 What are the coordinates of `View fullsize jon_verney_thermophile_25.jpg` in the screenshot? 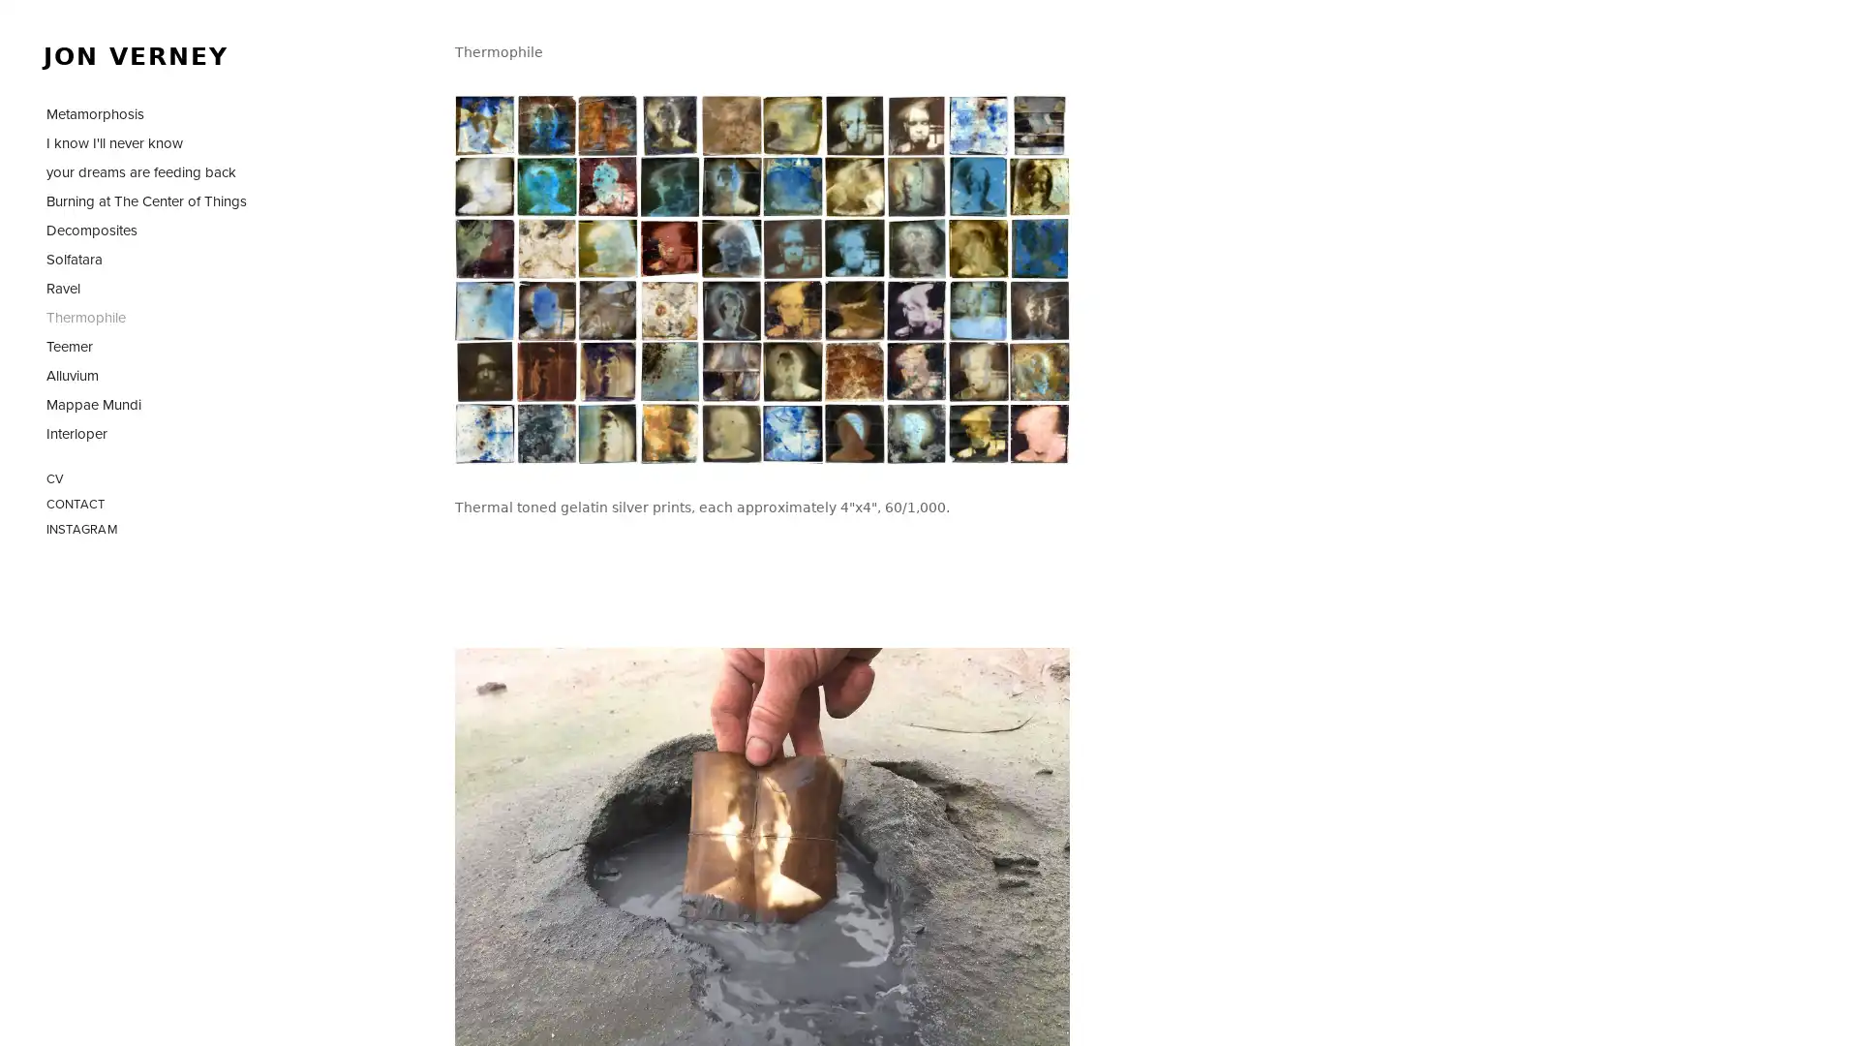 It's located at (607, 309).